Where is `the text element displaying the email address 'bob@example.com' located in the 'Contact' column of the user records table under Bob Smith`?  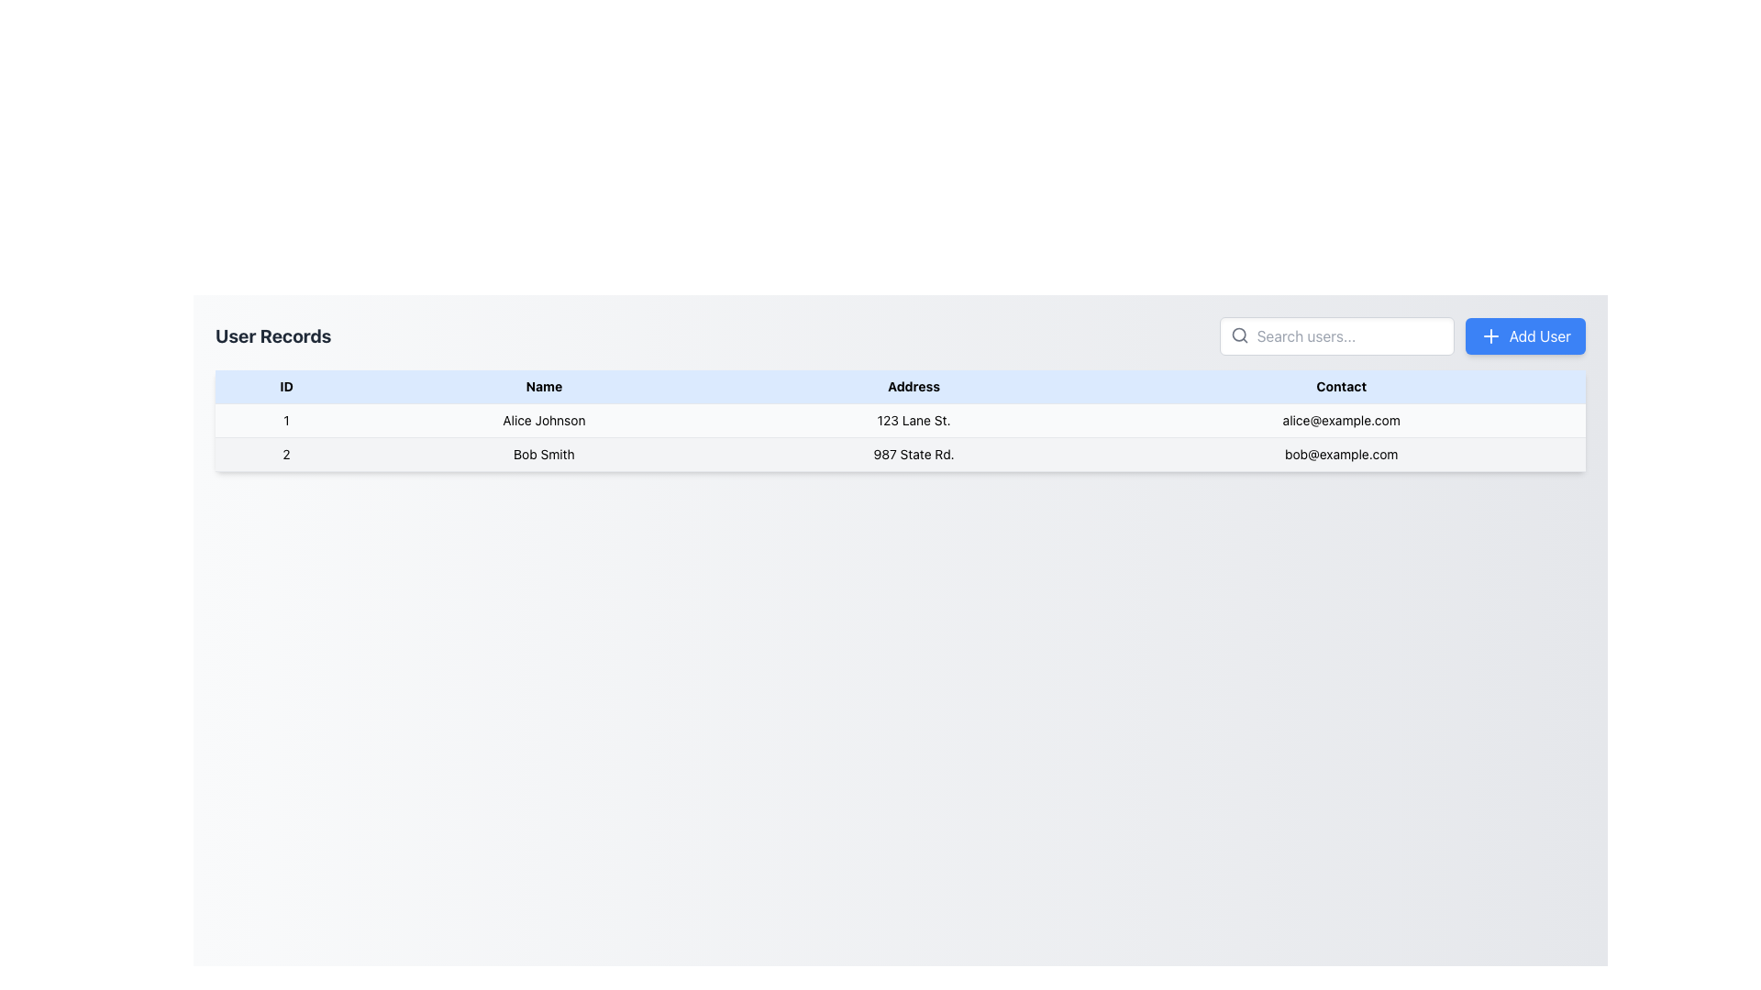
the text element displaying the email address 'bob@example.com' located in the 'Contact' column of the user records table under Bob Smith is located at coordinates (1341, 454).